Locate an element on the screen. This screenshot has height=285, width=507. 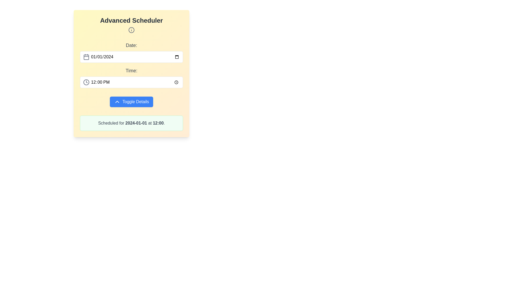
the static text label indicating the scheduled date and time for an event, located at the bottom of the green notification panel is located at coordinates (132, 123).